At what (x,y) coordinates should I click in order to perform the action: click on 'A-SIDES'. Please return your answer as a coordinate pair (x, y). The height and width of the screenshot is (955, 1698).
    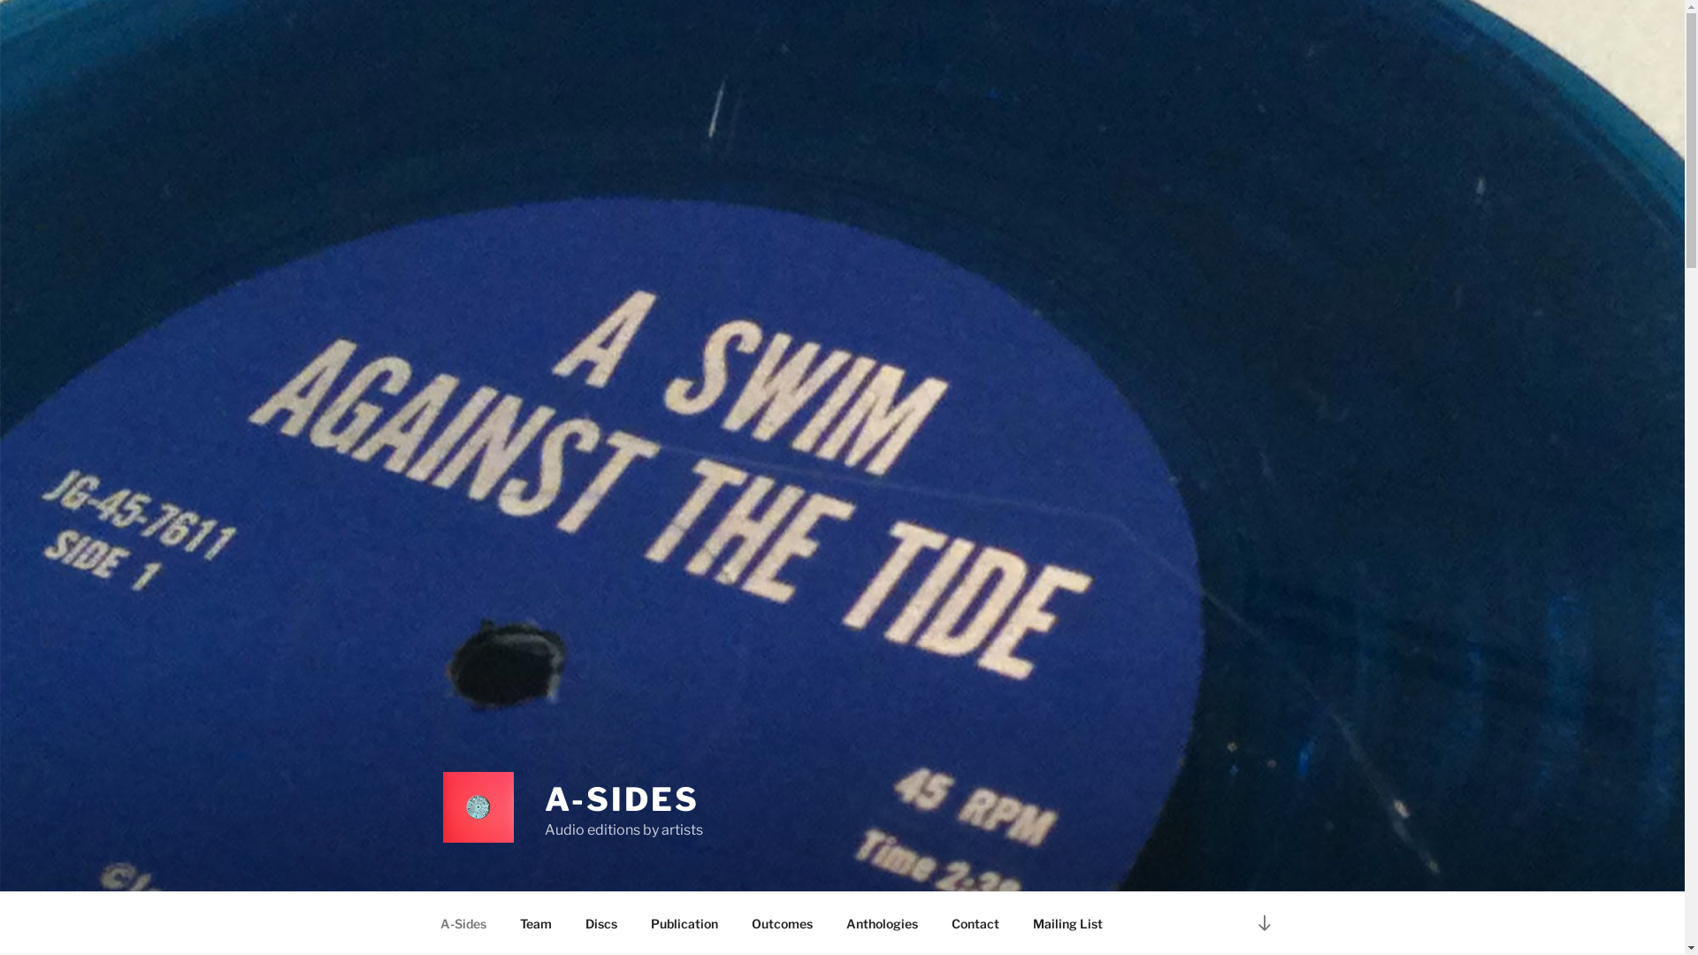
    Looking at the image, I should click on (622, 798).